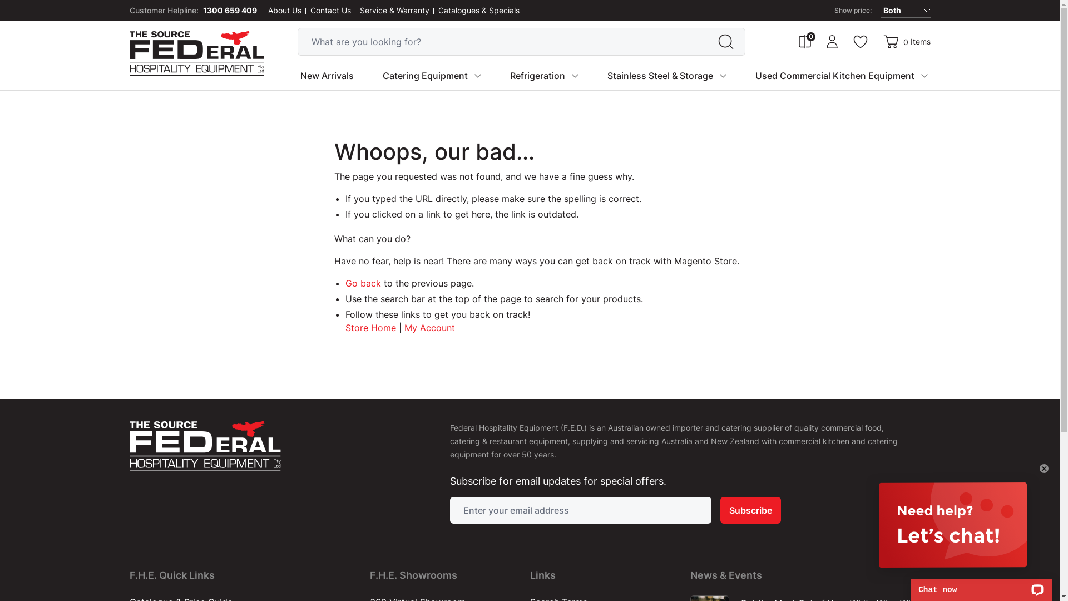 The image size is (1068, 601). What do you see at coordinates (196, 53) in the screenshot?
I see `'Federal Hospitality Equipment'` at bounding box center [196, 53].